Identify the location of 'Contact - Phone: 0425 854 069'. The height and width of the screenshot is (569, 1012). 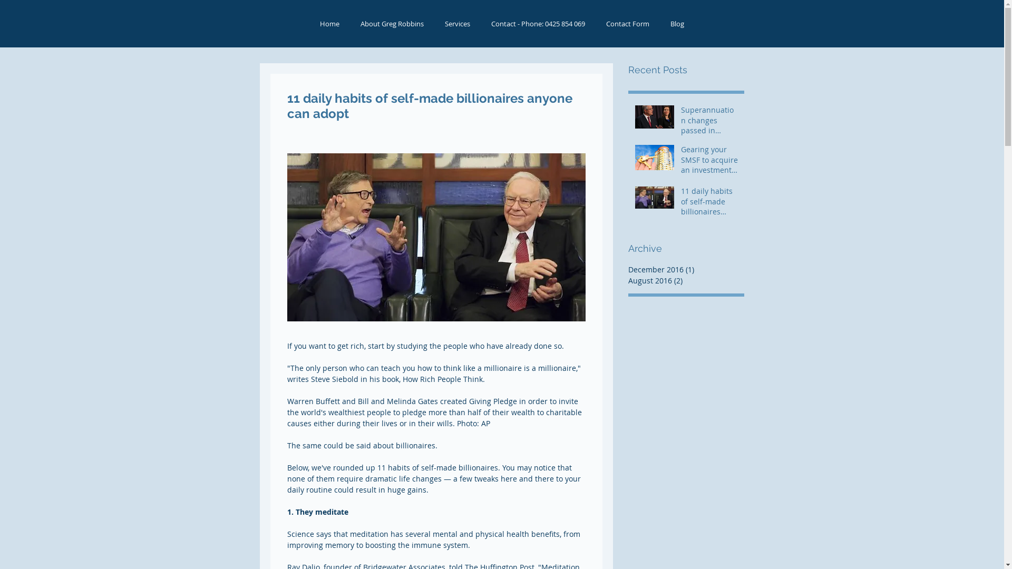
(538, 24).